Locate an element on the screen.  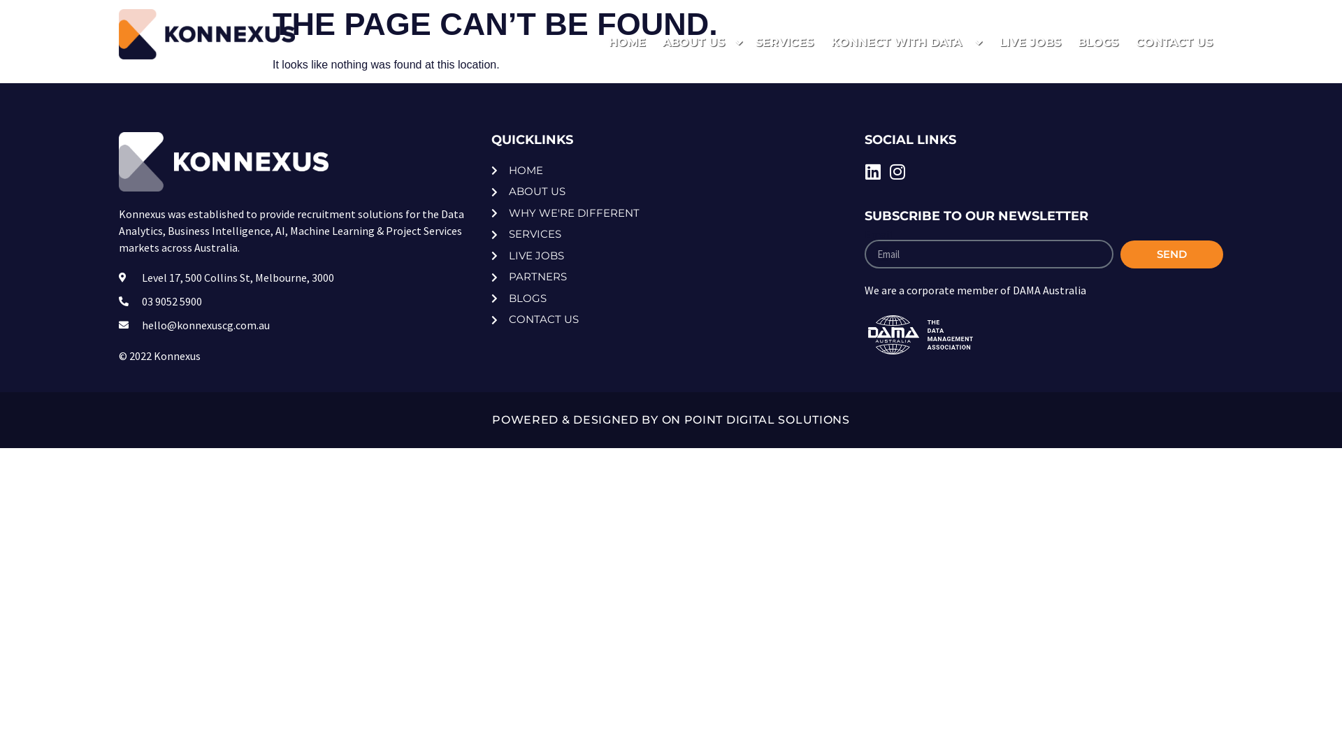
'BLOGS' is located at coordinates (1097, 42).